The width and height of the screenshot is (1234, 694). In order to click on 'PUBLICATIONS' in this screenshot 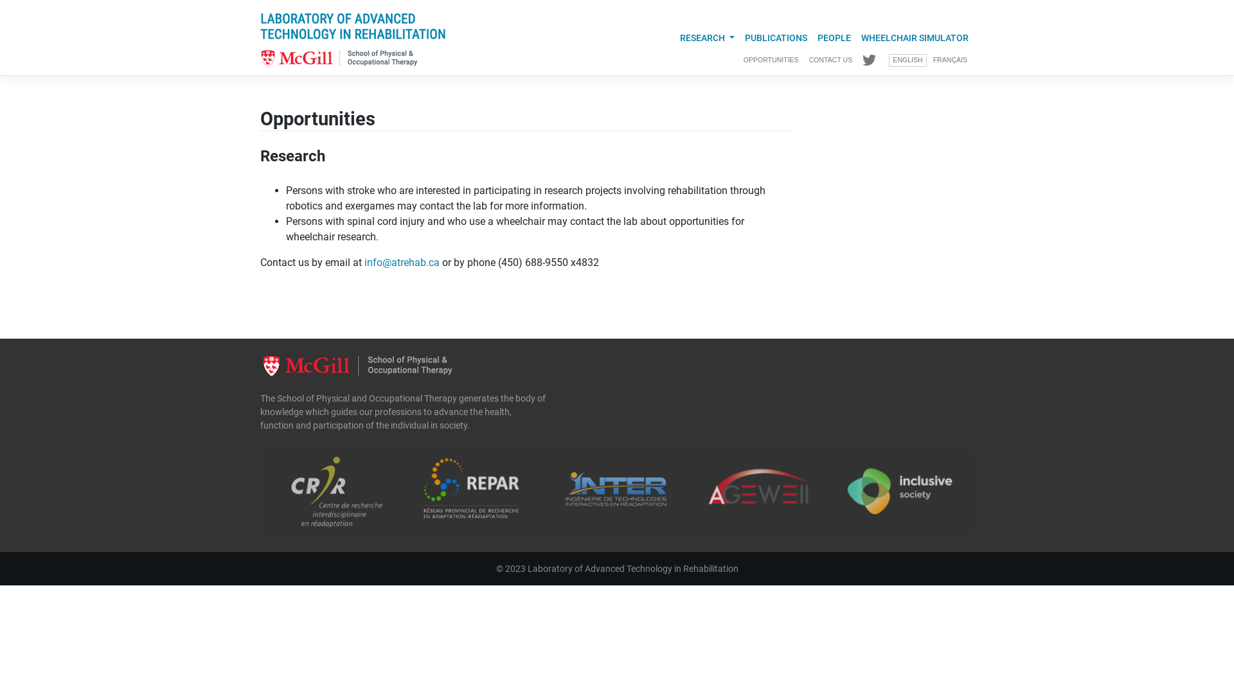, I will do `click(775, 37)`.